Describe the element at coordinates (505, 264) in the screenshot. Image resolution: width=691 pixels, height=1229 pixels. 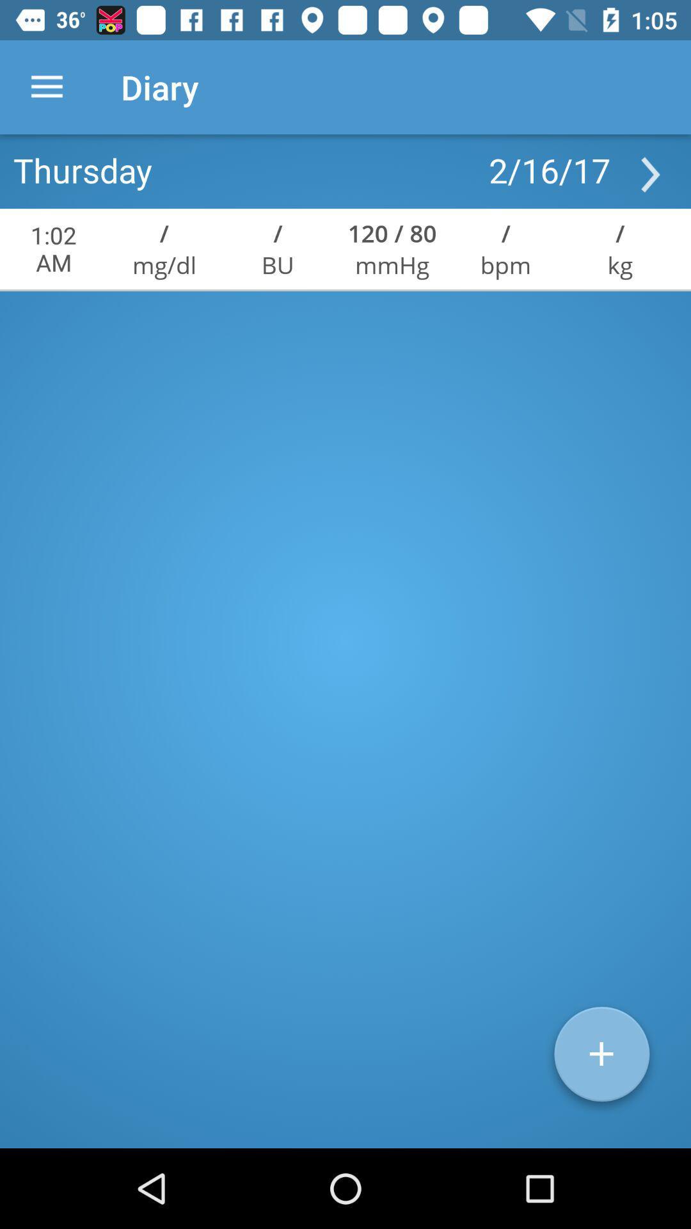
I see `the icon to the left of the kg item` at that location.